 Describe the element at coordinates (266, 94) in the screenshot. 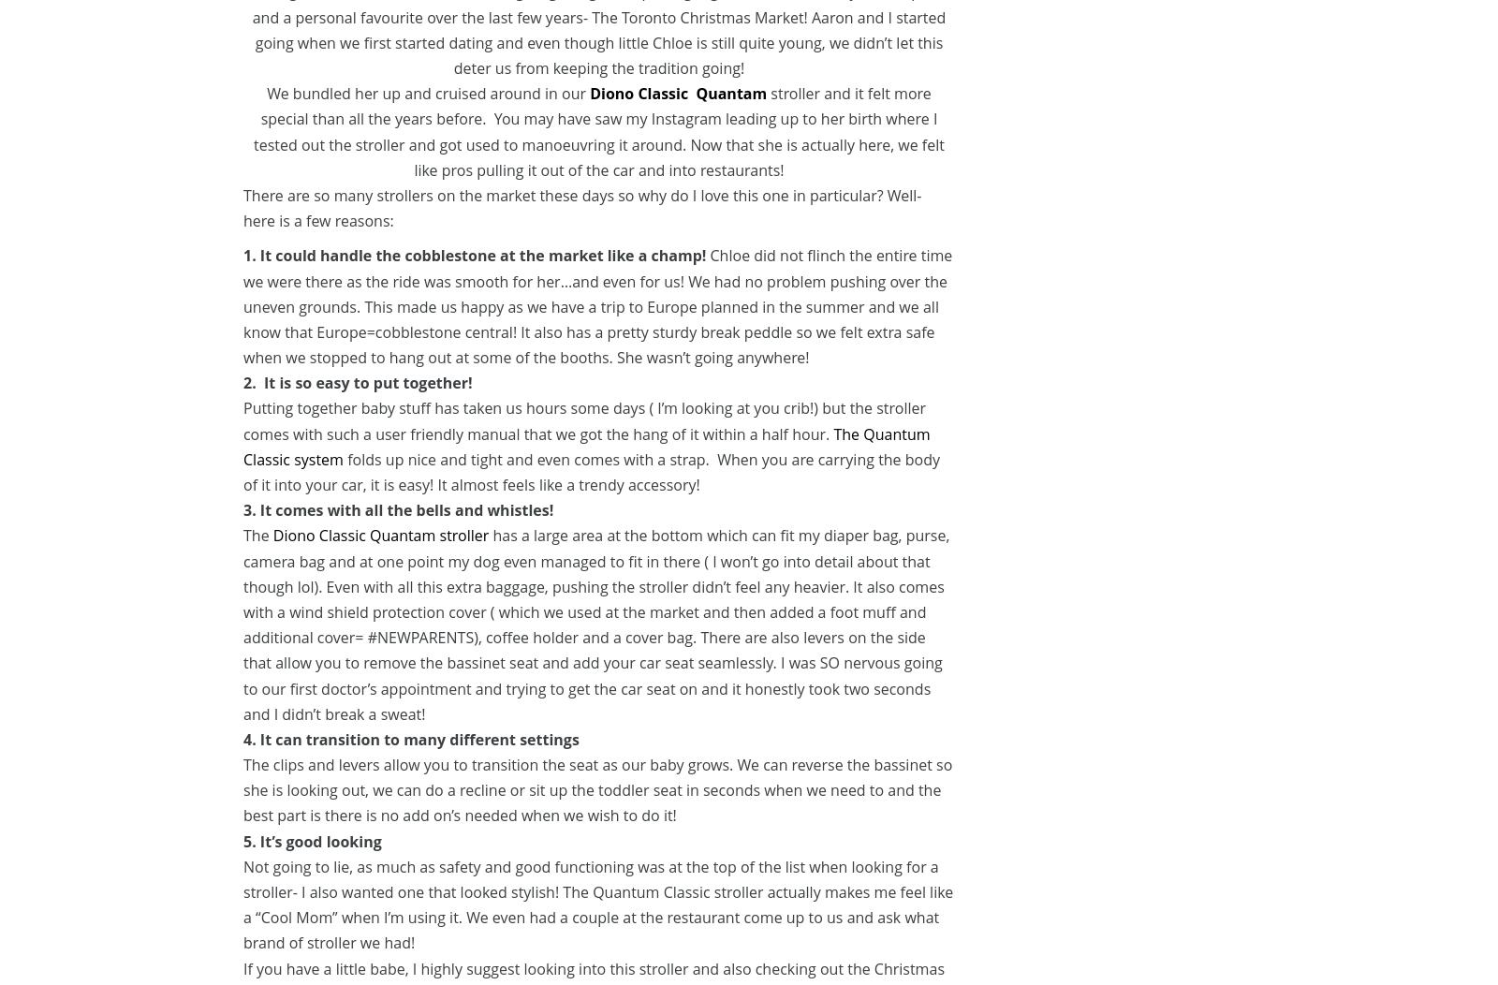

I see `'We bundled her up and cruised around in our'` at that location.